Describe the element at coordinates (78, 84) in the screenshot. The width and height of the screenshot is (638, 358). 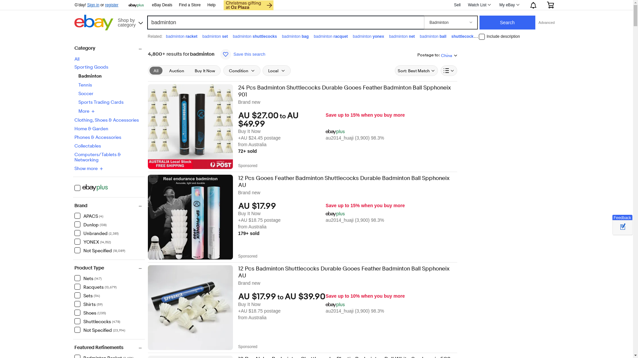
I see `'Tennis'` at that location.